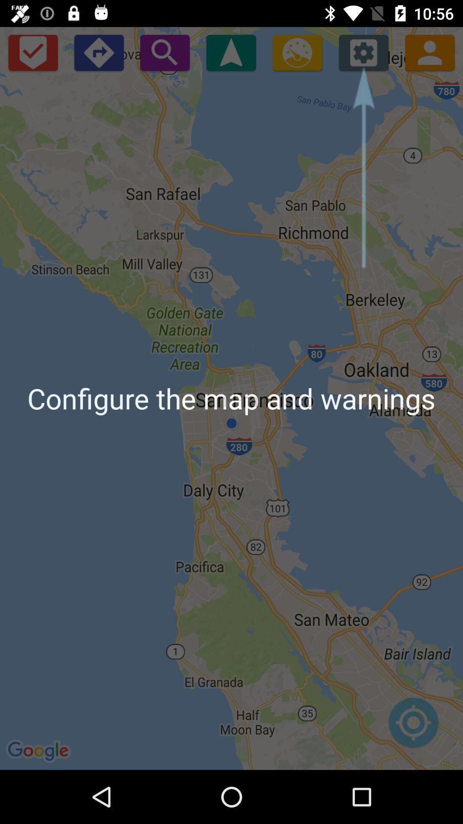 This screenshot has height=824, width=463. What do you see at coordinates (413, 727) in the screenshot?
I see `current location` at bounding box center [413, 727].